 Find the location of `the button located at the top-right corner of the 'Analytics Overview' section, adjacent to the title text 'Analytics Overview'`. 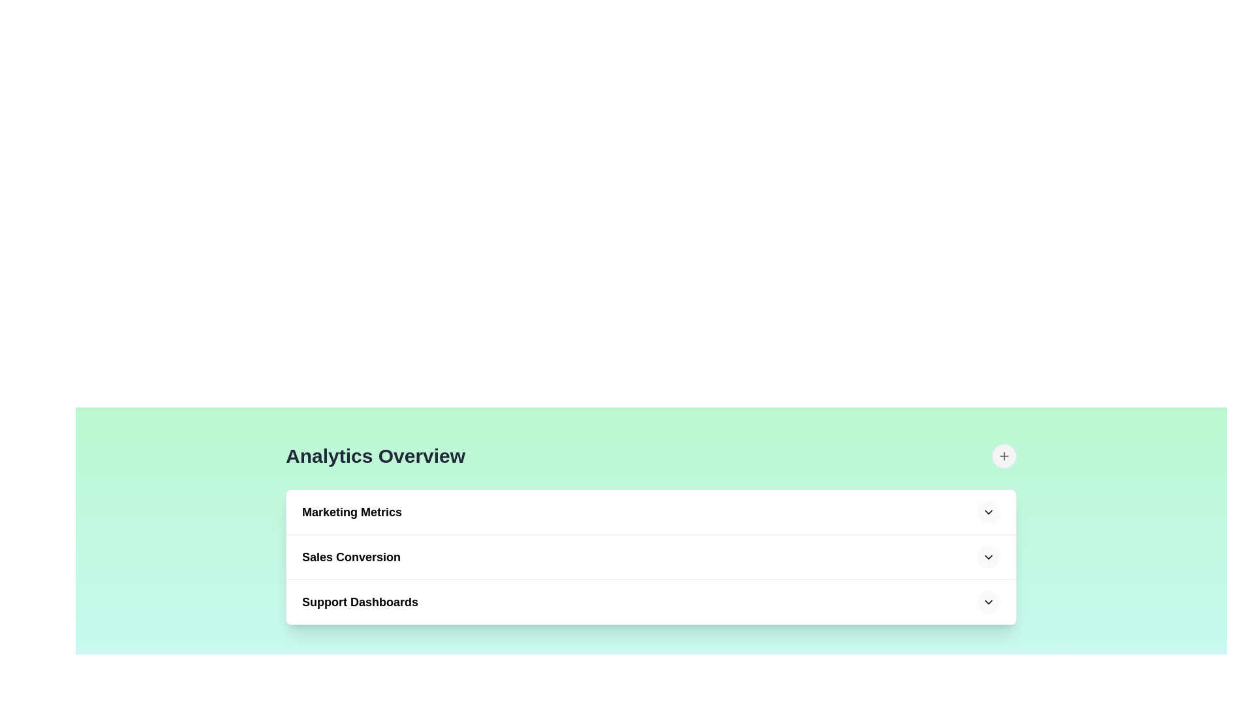

the button located at the top-right corner of the 'Analytics Overview' section, adjacent to the title text 'Analytics Overview' is located at coordinates (1004, 455).